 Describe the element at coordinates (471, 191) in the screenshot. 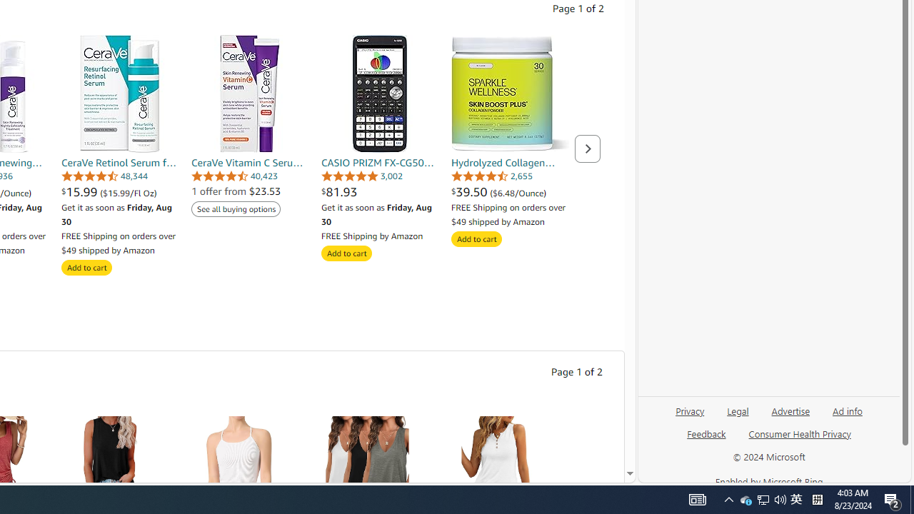

I see `'$39.50 '` at that location.